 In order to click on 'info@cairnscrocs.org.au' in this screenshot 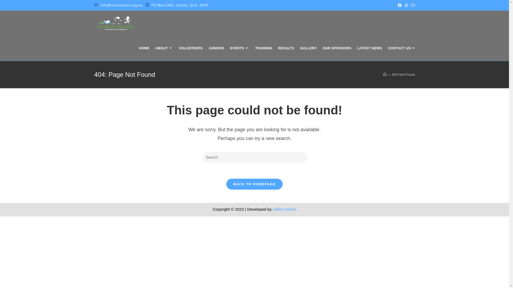, I will do `click(122, 5)`.